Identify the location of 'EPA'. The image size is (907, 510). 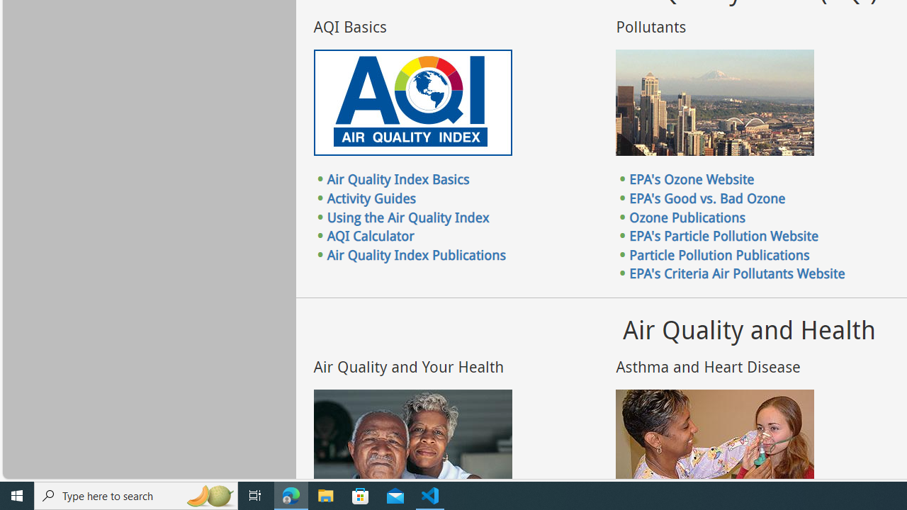
(707, 198).